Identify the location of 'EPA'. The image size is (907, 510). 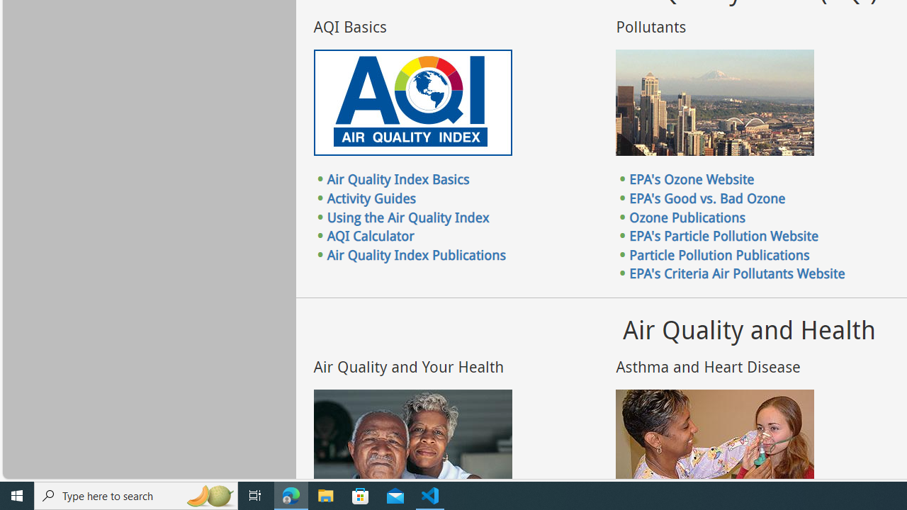
(707, 198).